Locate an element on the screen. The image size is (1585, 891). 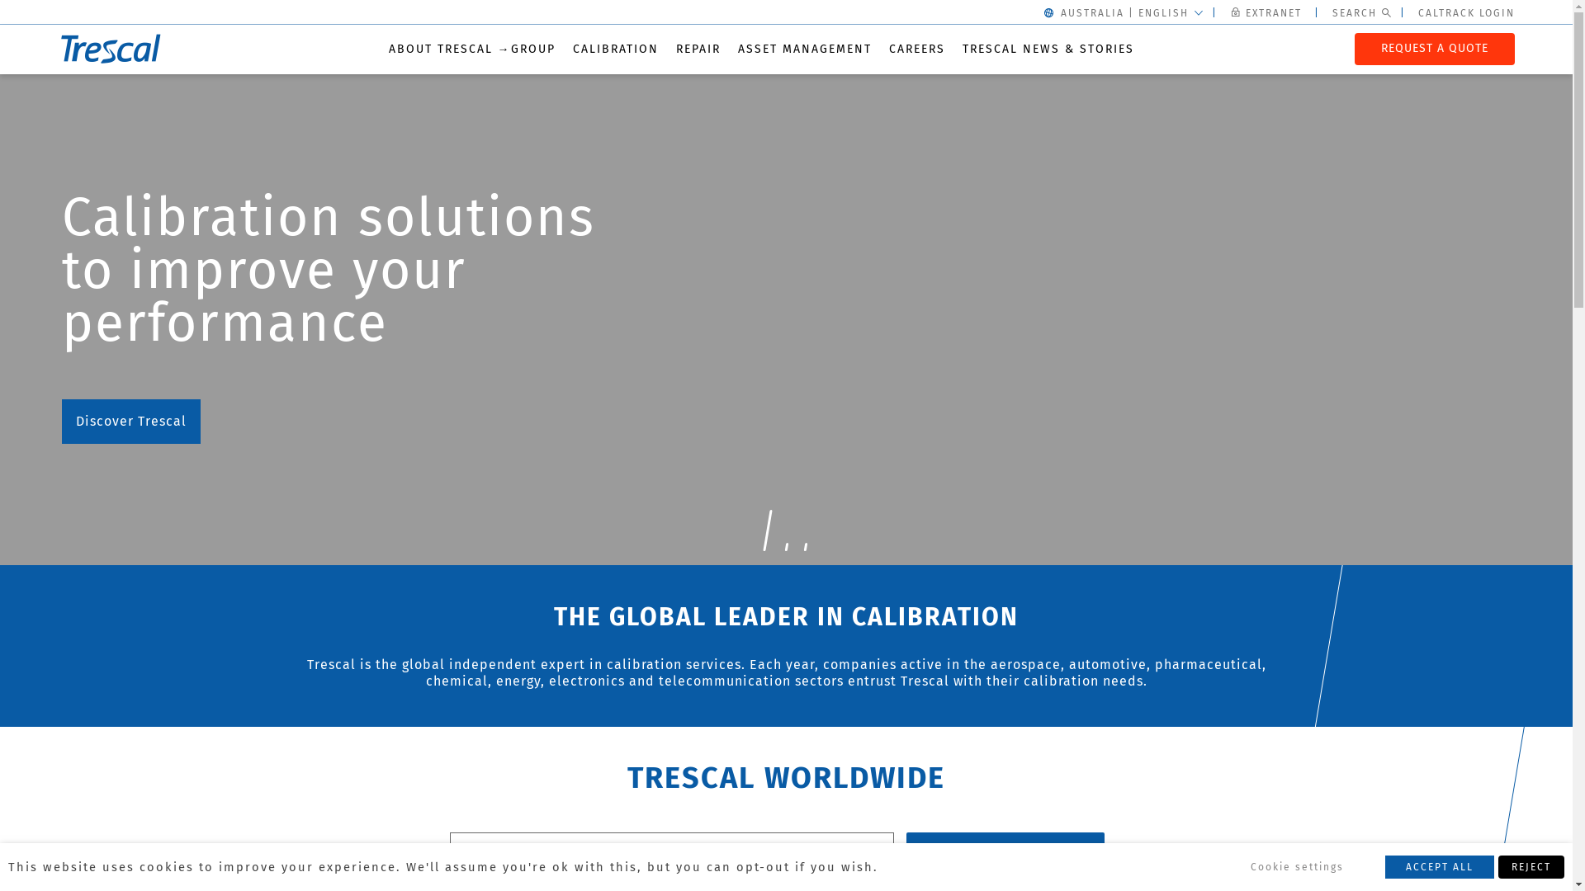
'SEARCH' is located at coordinates (906, 849).